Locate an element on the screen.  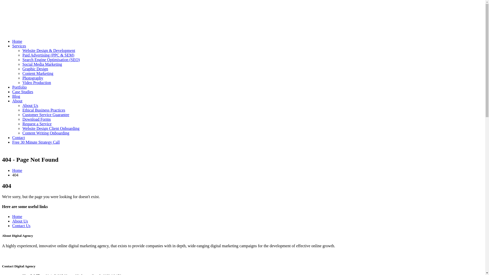
'About' is located at coordinates (17, 101).